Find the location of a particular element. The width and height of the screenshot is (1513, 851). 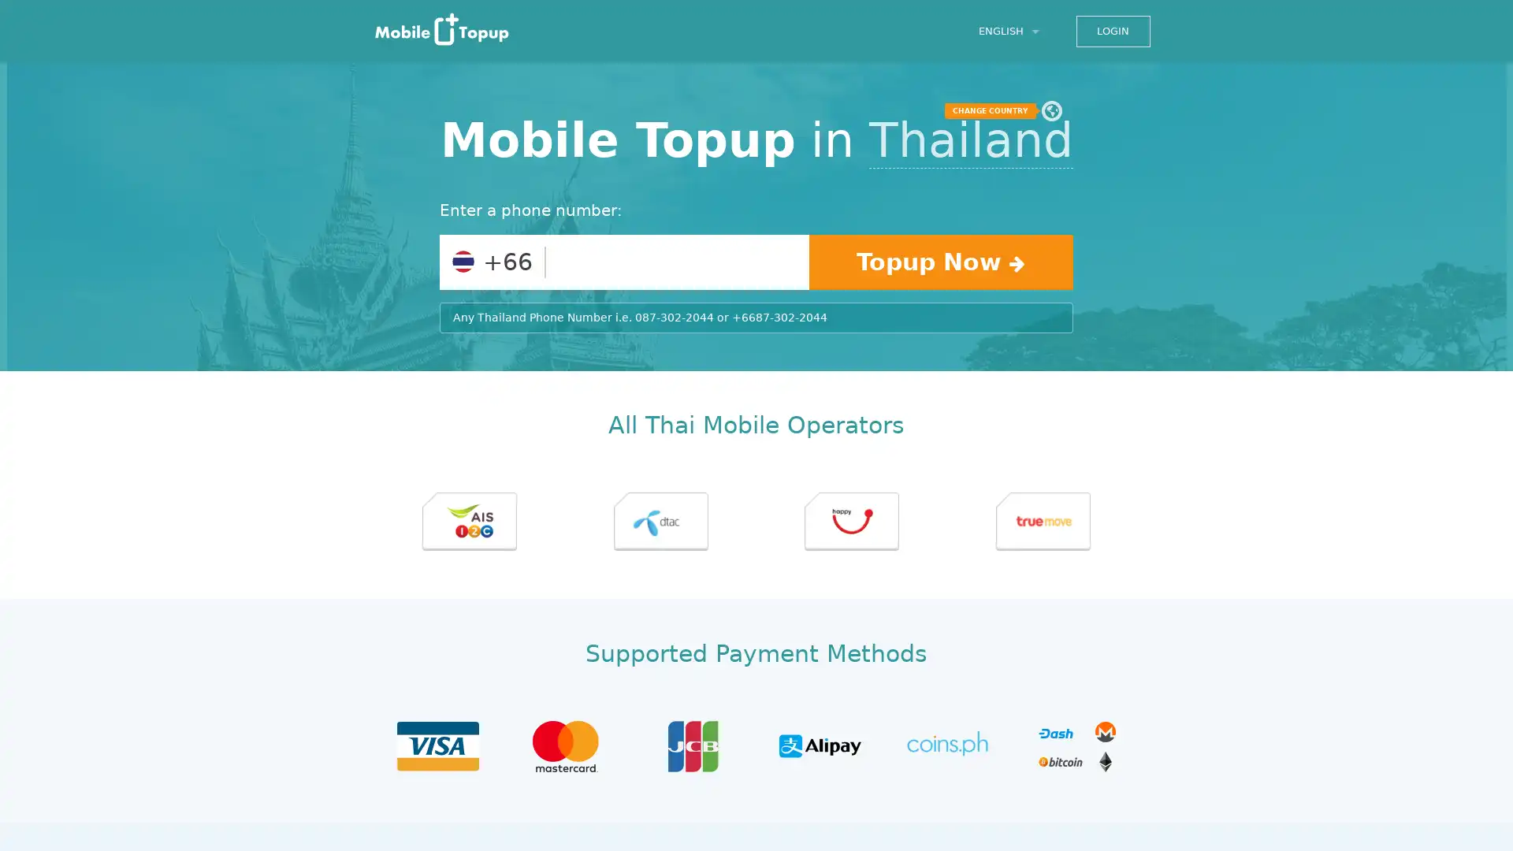

Topup Now is located at coordinates (940, 261).